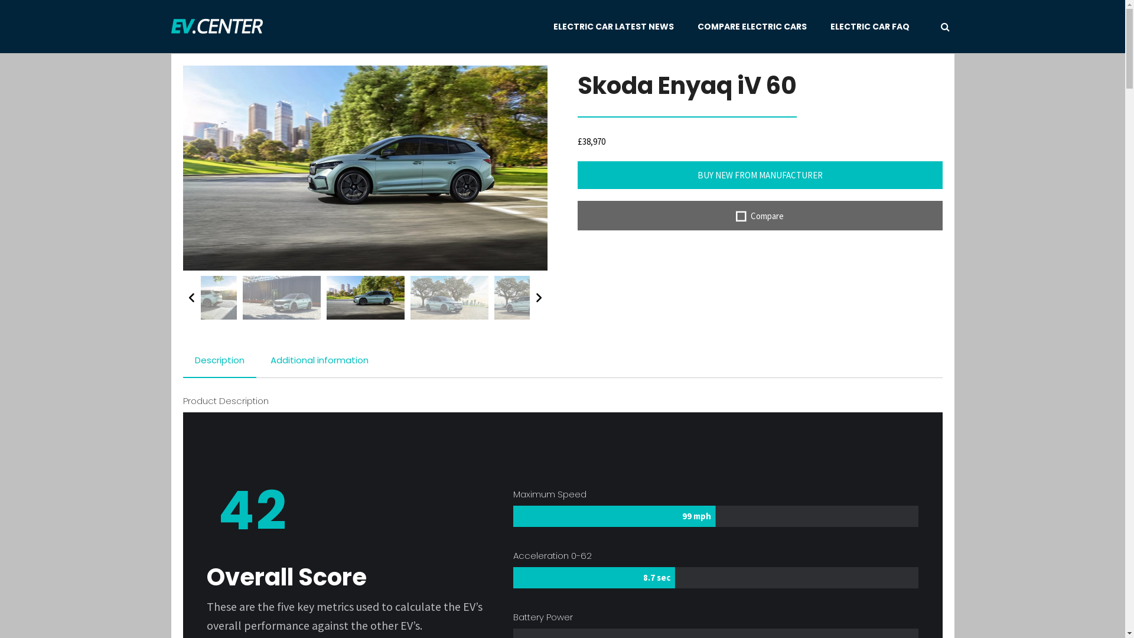 The height and width of the screenshot is (638, 1134). Describe the element at coordinates (751, 27) in the screenshot. I see `'COMPARE ELECTRIC CARS'` at that location.